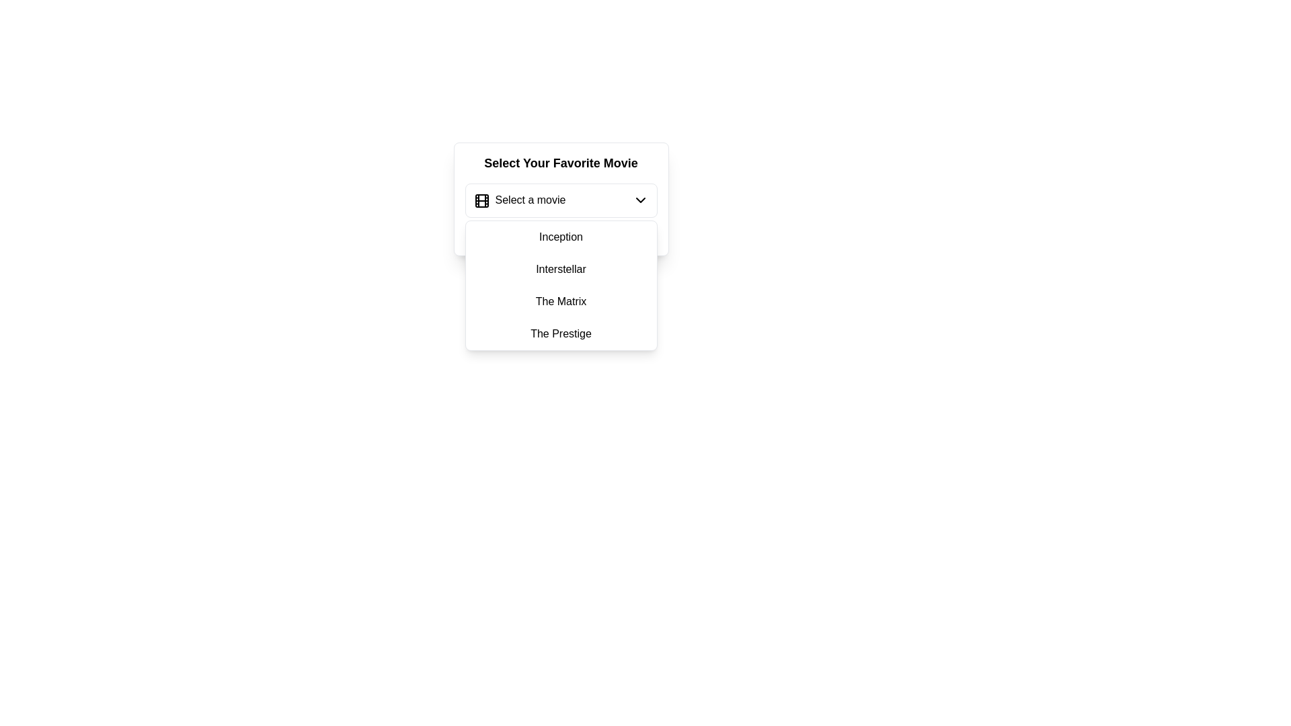 This screenshot has height=726, width=1291. I want to click on the text menu item reading 'The Prestige', so click(561, 333).